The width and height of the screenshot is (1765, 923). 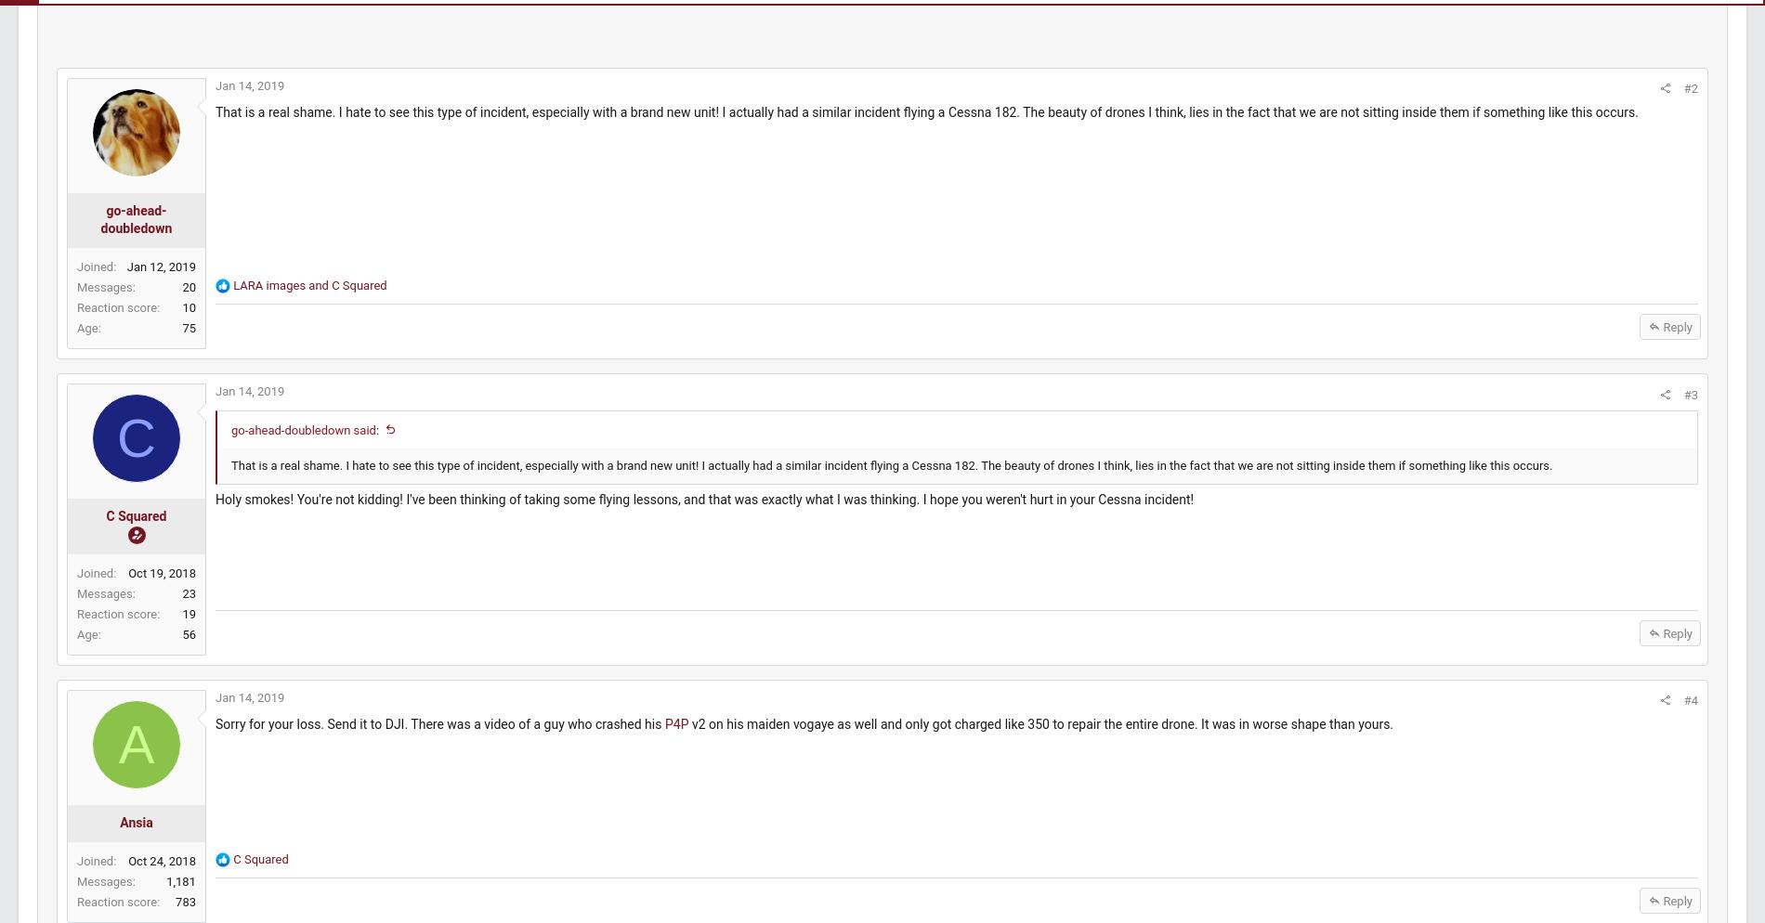 What do you see at coordinates (1485, 255) in the screenshot?
I see `'Latest: pat2108'` at bounding box center [1485, 255].